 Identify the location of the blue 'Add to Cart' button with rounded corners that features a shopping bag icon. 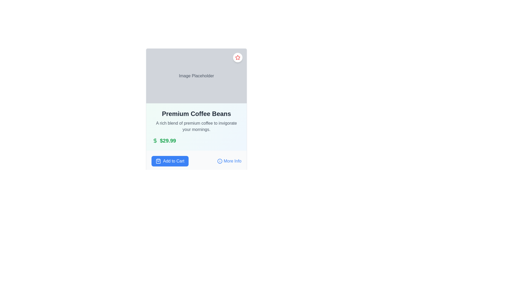
(170, 161).